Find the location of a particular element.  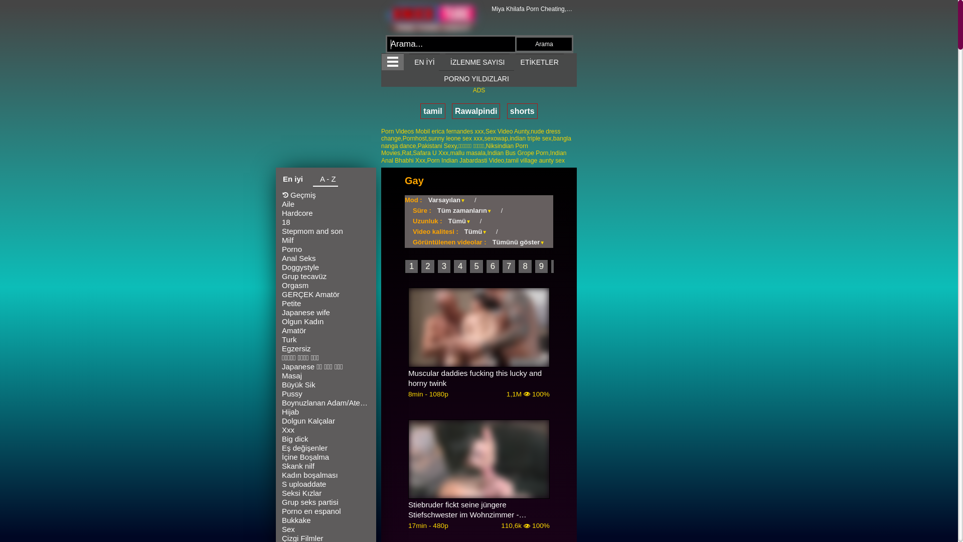

'Xxx' is located at coordinates (326, 429).